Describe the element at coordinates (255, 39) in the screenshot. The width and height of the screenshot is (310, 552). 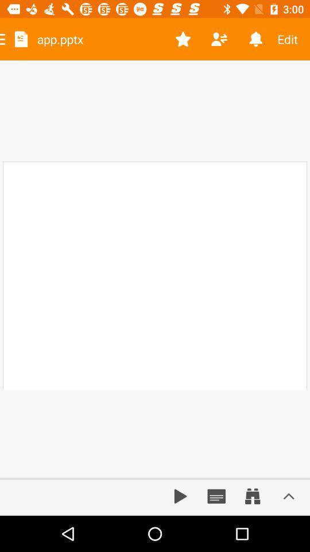
I see `the item to the left of the edit` at that location.